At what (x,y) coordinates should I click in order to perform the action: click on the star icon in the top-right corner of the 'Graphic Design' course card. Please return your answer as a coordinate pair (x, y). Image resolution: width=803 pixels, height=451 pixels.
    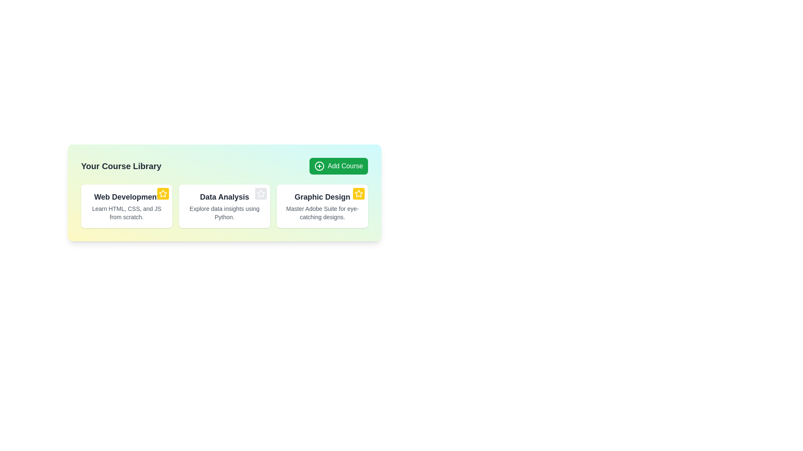
    Looking at the image, I should click on (322, 206).